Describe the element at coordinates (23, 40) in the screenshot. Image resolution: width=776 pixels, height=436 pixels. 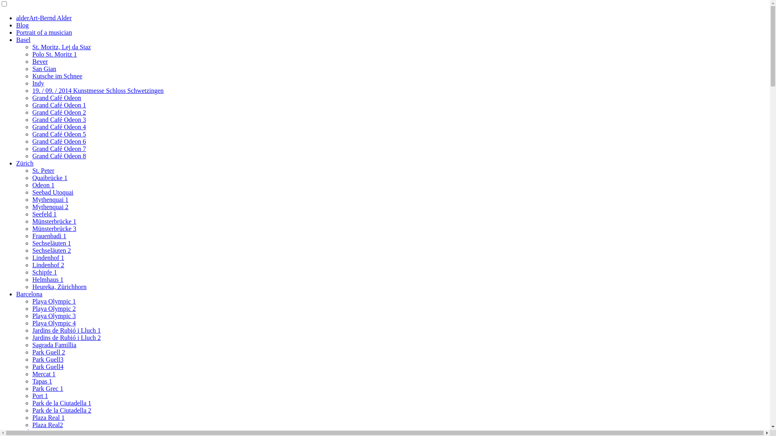
I see `'Basel'` at that location.